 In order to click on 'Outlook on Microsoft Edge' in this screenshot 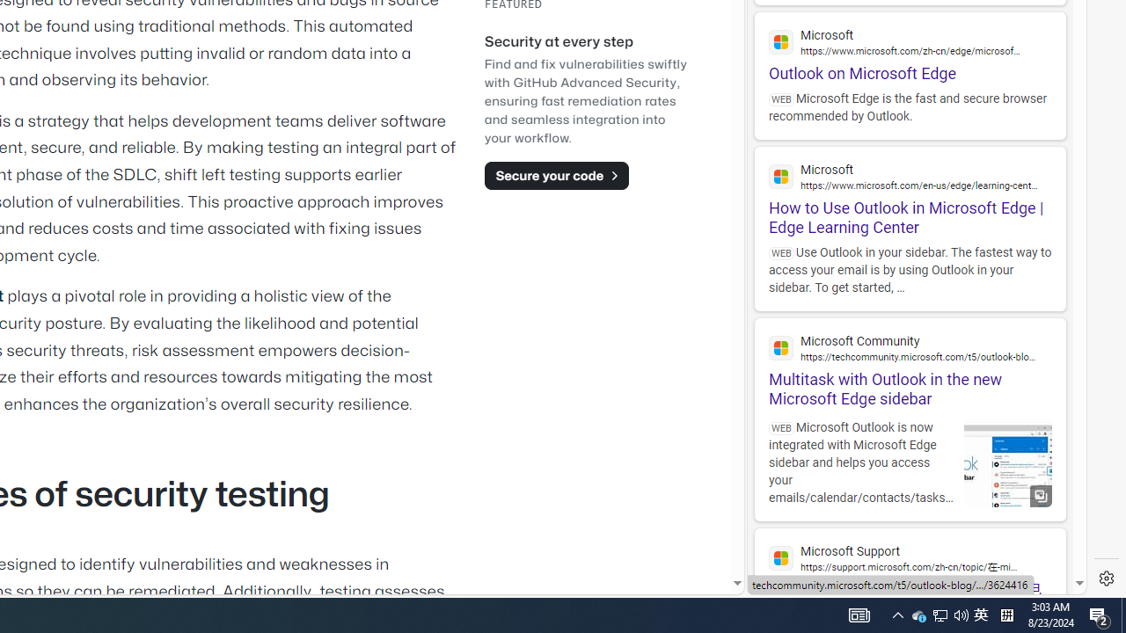, I will do `click(910, 47)`.